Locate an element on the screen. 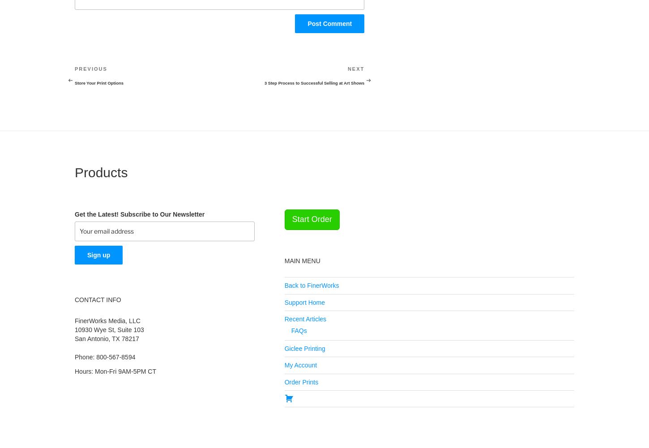 The width and height of the screenshot is (649, 448). 'Support Home' is located at coordinates (304, 301).